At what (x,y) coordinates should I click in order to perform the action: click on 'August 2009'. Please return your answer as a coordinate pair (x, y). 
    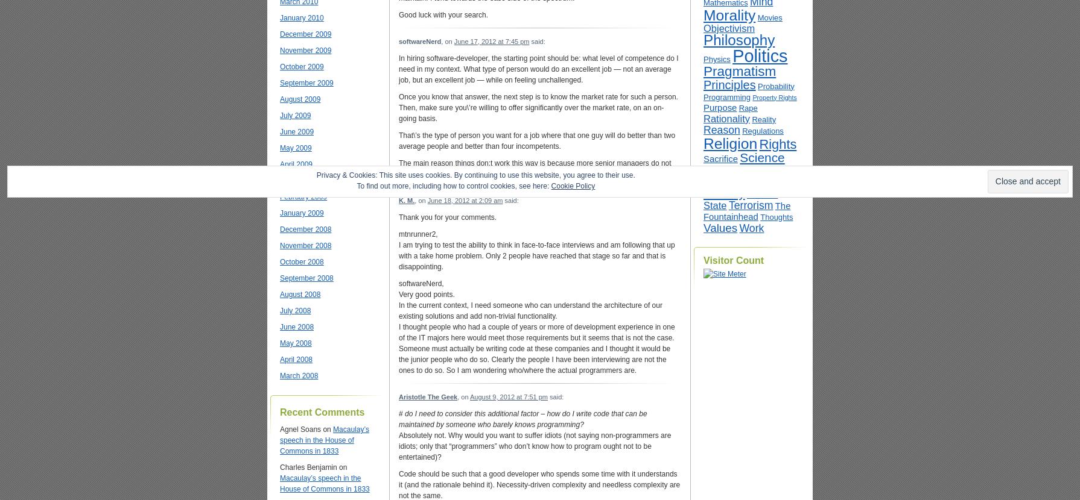
    Looking at the image, I should click on (299, 99).